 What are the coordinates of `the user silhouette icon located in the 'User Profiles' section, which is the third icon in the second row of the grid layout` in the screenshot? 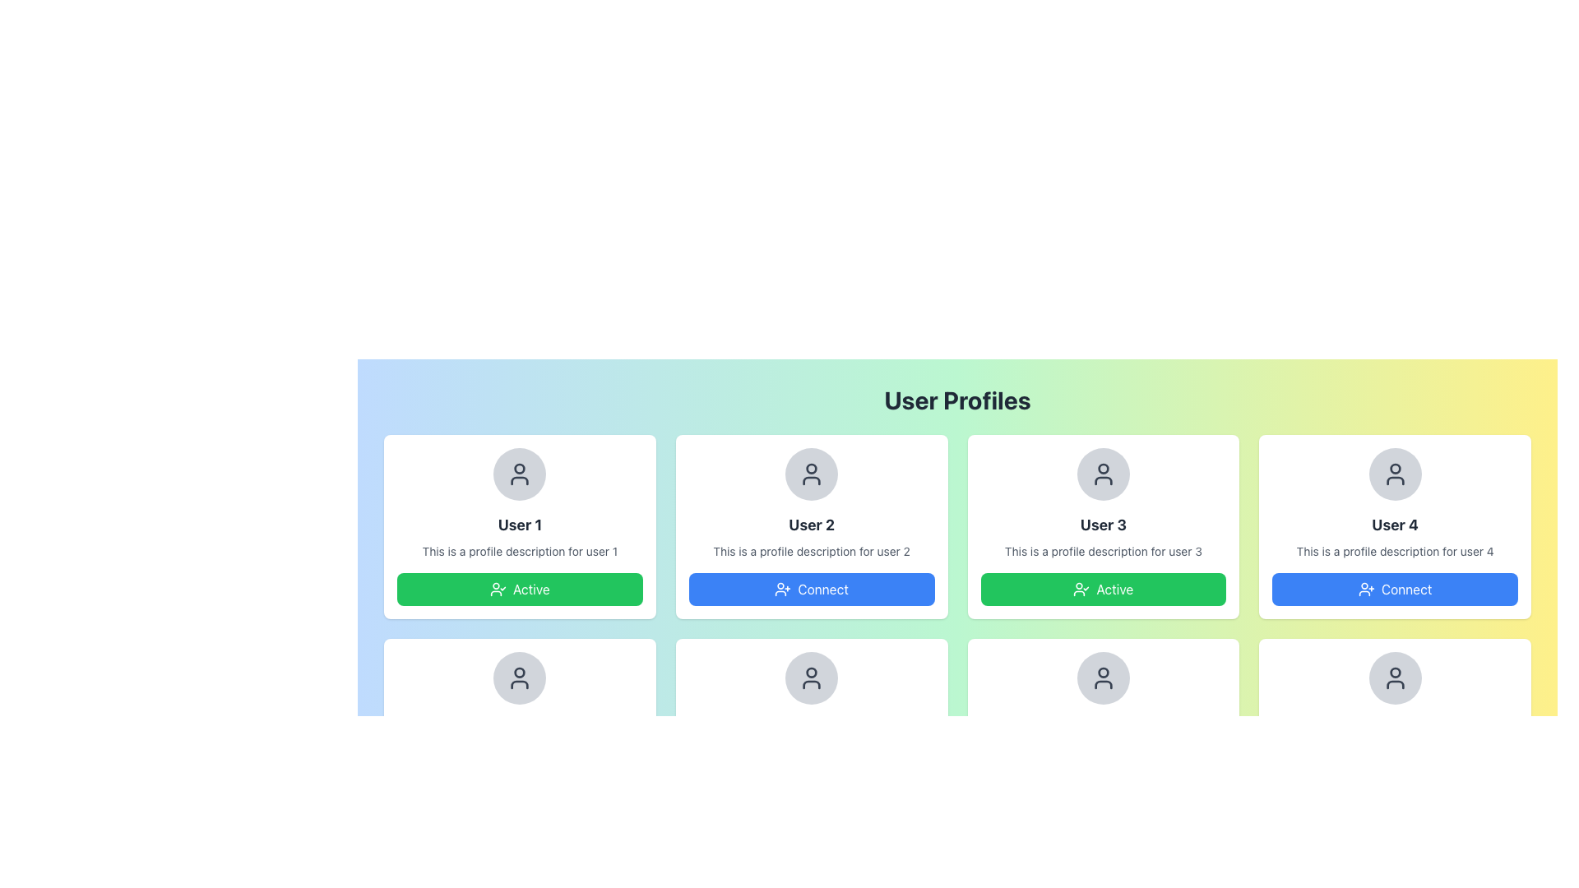 It's located at (1103, 678).